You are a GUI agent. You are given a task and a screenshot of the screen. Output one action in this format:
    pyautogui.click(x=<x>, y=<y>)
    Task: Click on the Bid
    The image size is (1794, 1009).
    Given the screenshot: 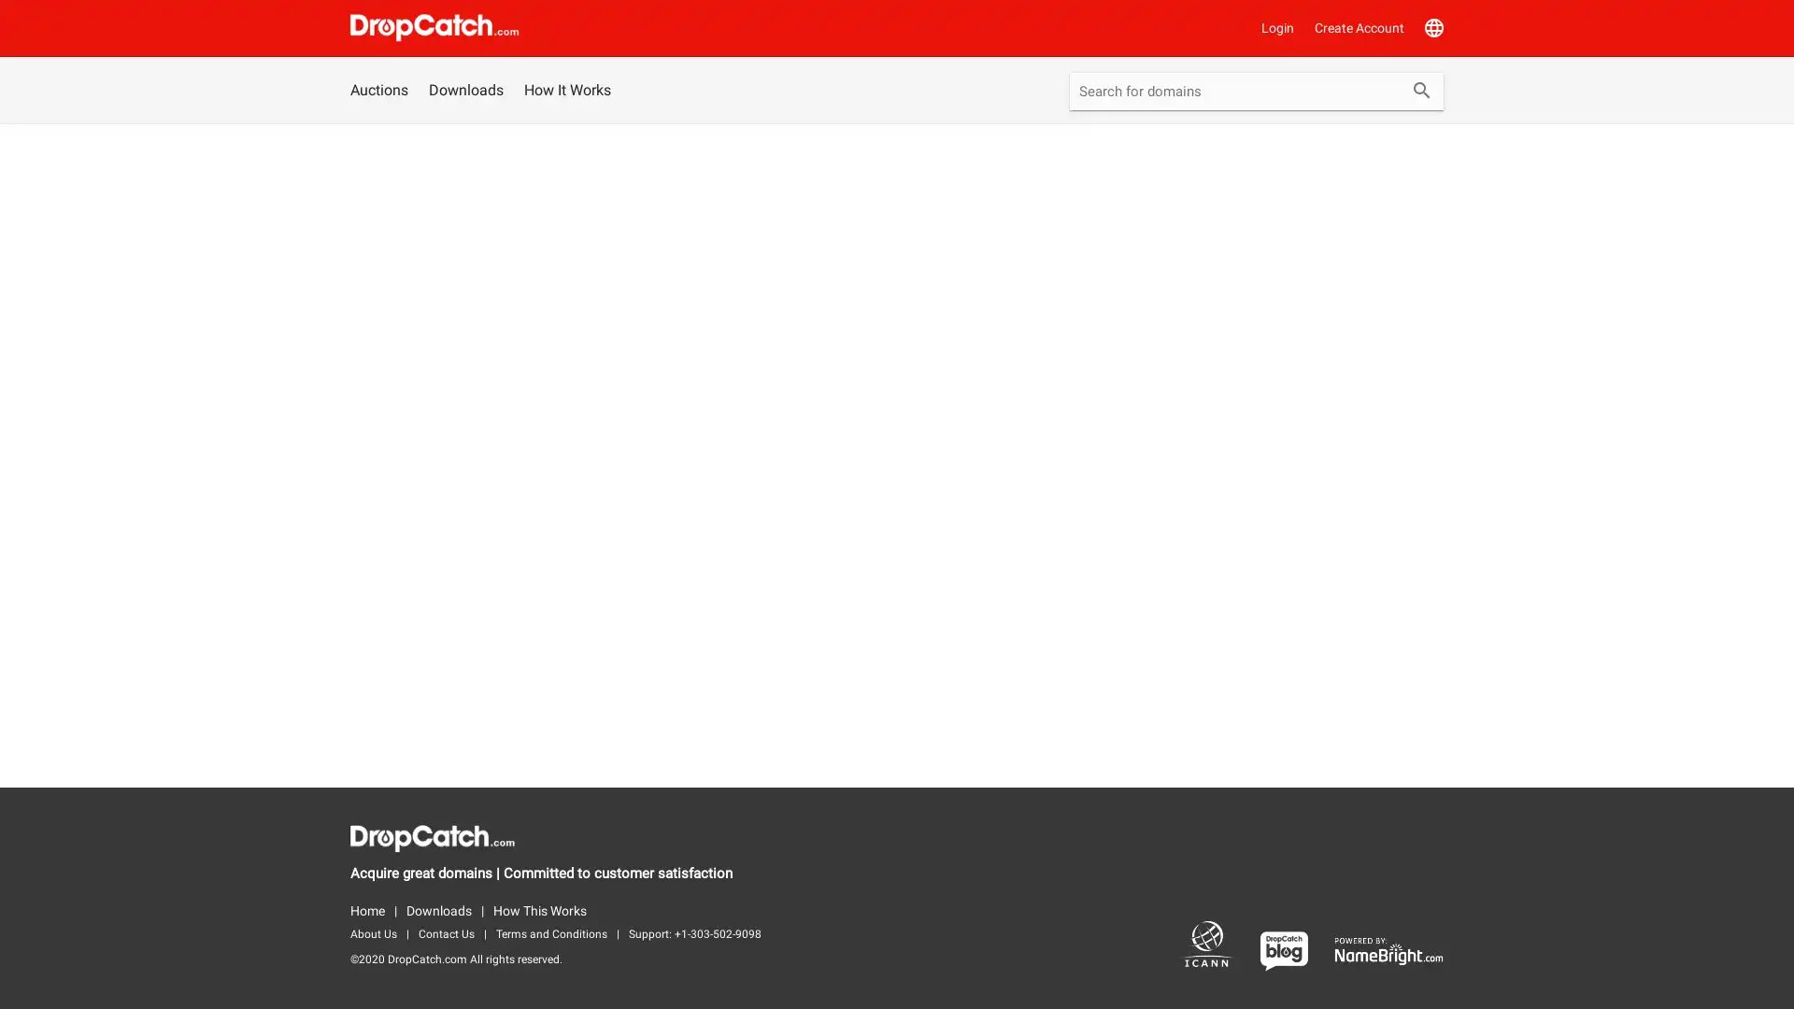 What is the action you would take?
    pyautogui.click(x=1403, y=752)
    